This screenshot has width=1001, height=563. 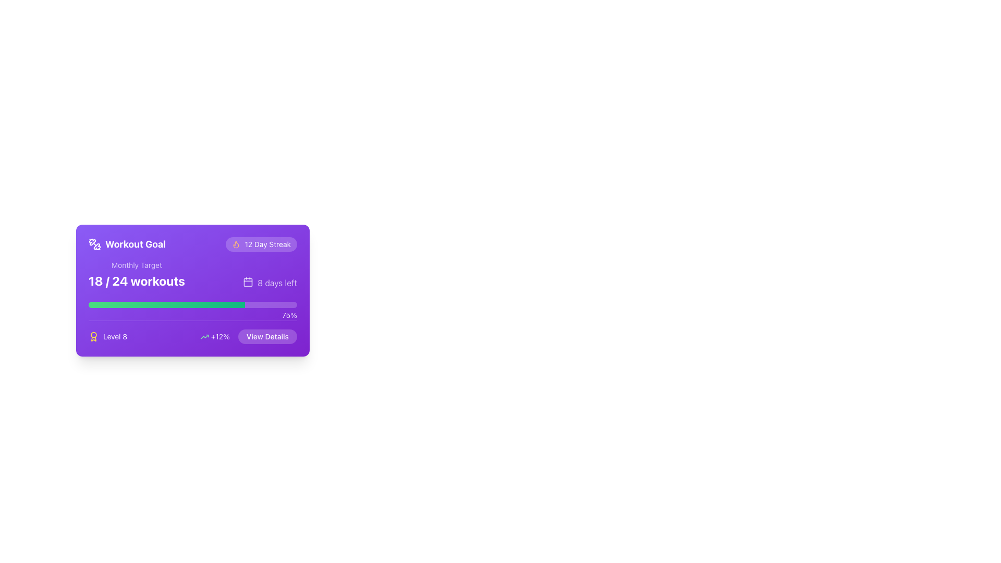 I want to click on the Card component that summarizes the user's workout progress and goals, located in the top-left corner of the scrollable panel, so click(x=192, y=290).